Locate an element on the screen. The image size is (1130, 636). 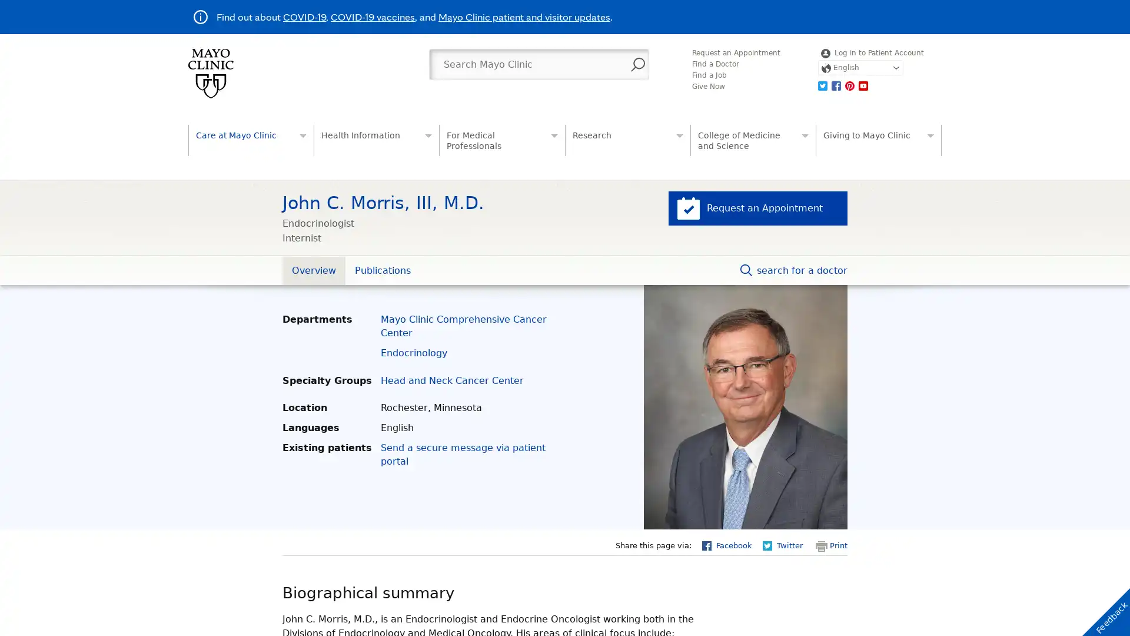
English is located at coordinates (860, 68).